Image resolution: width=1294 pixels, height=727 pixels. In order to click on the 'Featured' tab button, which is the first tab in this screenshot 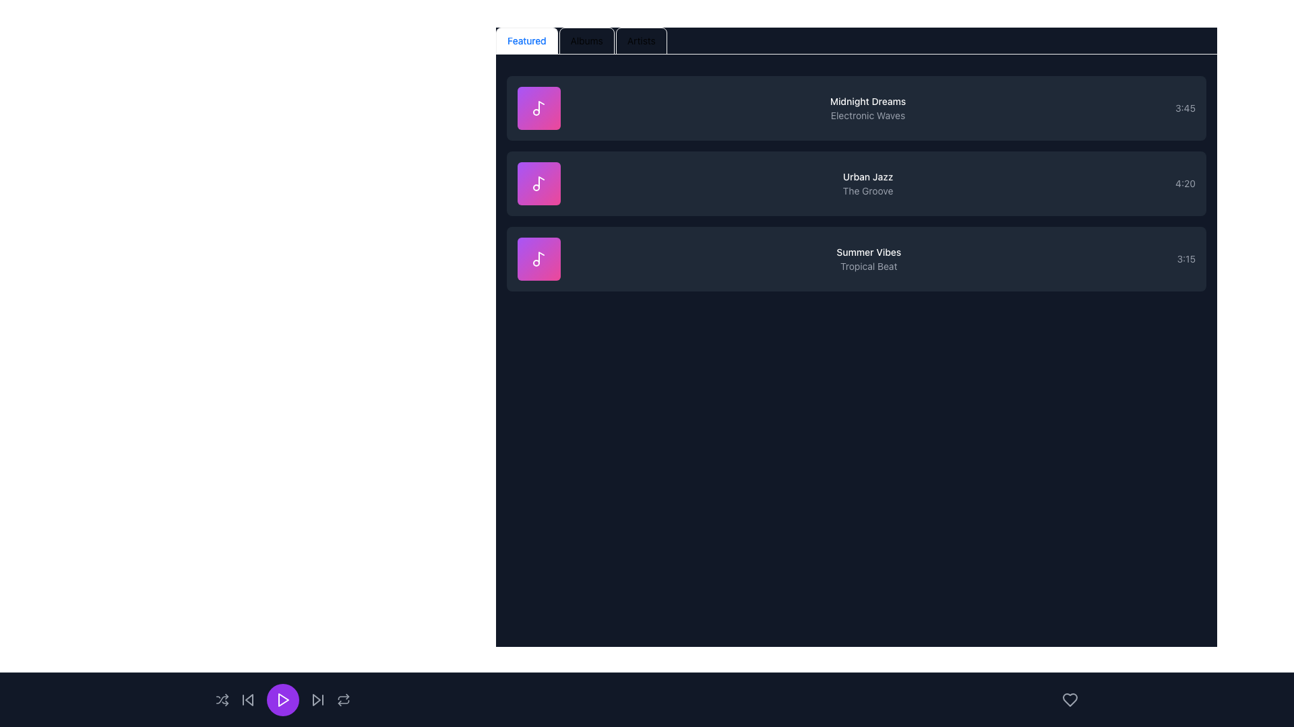, I will do `click(526, 40)`.